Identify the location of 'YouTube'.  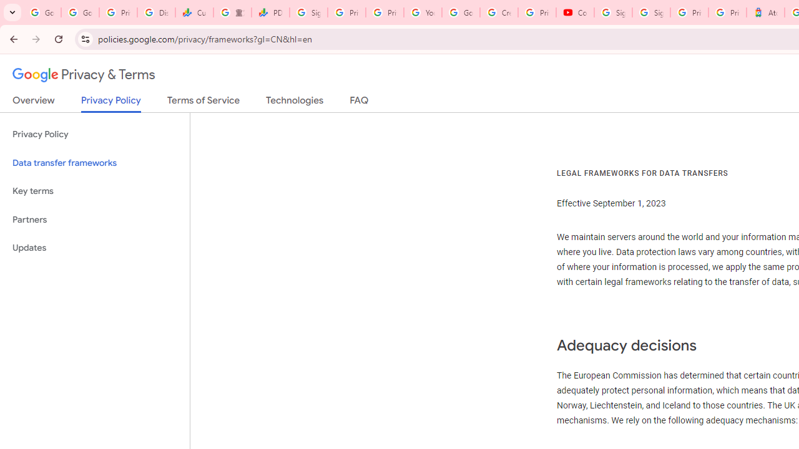
(423, 12).